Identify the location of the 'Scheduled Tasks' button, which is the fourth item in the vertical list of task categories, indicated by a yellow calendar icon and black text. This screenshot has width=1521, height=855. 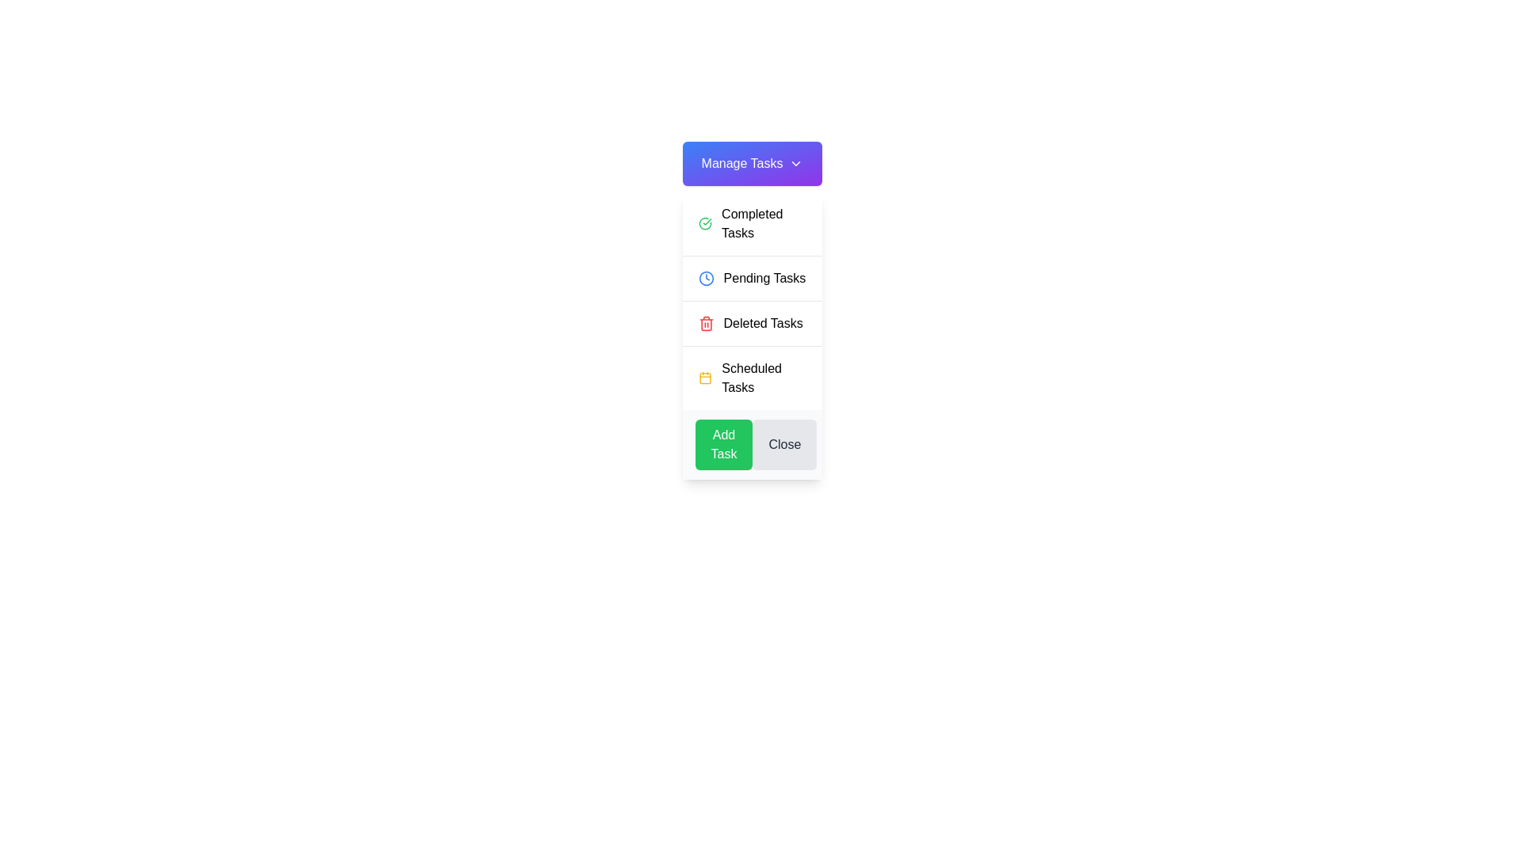
(752, 378).